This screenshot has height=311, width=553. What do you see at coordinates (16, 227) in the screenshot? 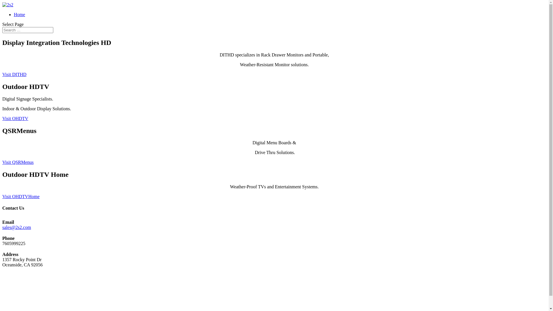
I see `'sales@2s2.com'` at bounding box center [16, 227].